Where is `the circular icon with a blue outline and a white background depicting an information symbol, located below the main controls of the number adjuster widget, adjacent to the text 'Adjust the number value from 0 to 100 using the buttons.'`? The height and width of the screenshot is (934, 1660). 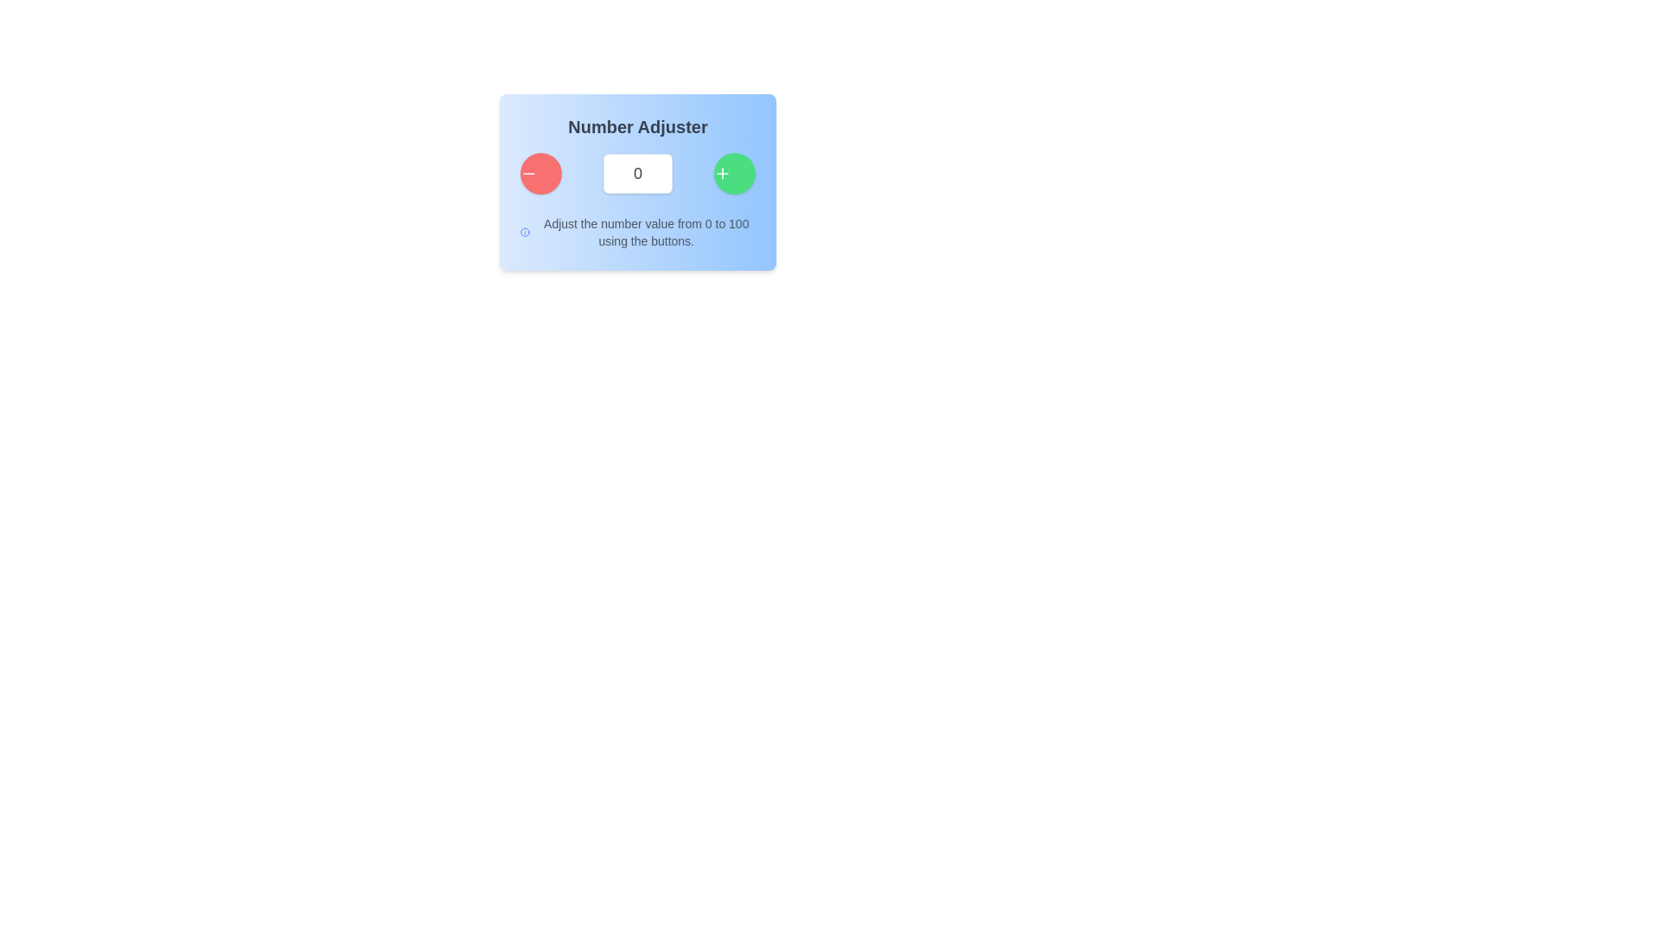
the circular icon with a blue outline and a white background depicting an information symbol, located below the main controls of the number adjuster widget, adjacent to the text 'Adjust the number value from 0 to 100 using the buttons.' is located at coordinates (524, 232).